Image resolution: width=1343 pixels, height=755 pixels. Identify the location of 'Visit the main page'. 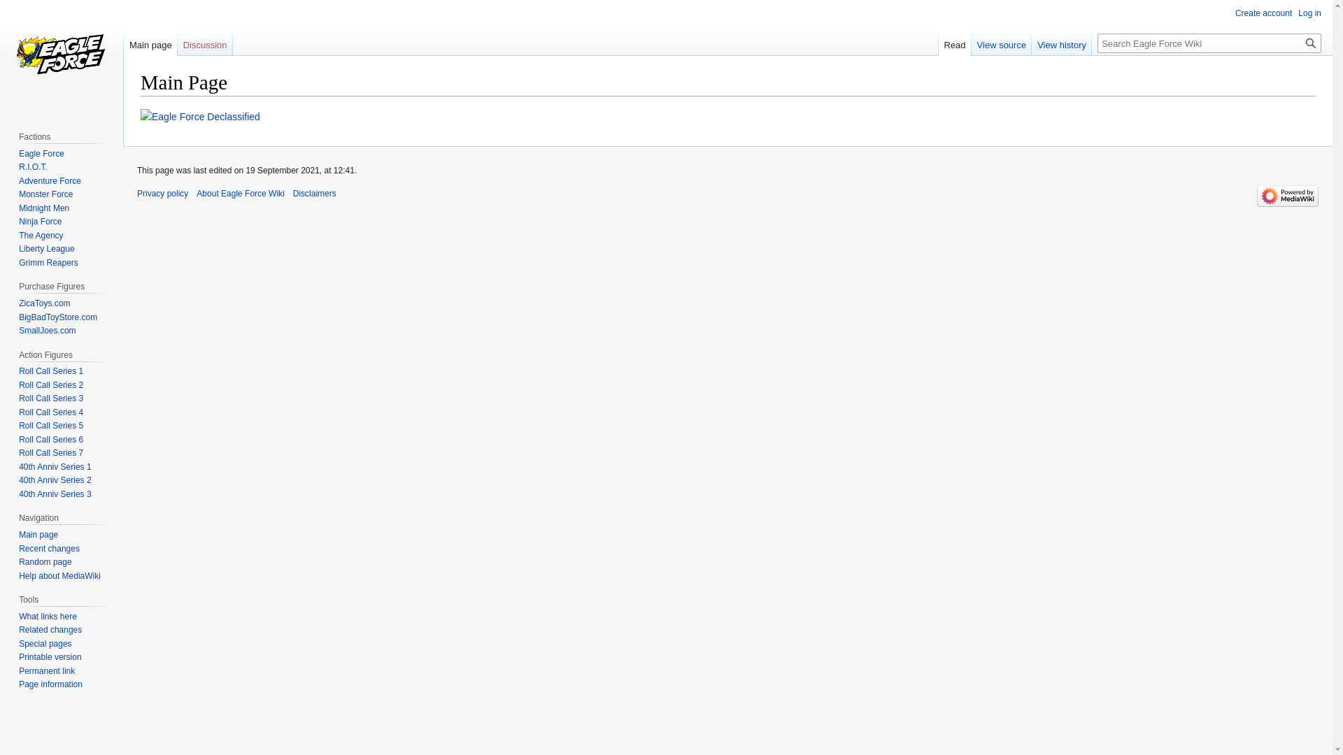
(60, 55).